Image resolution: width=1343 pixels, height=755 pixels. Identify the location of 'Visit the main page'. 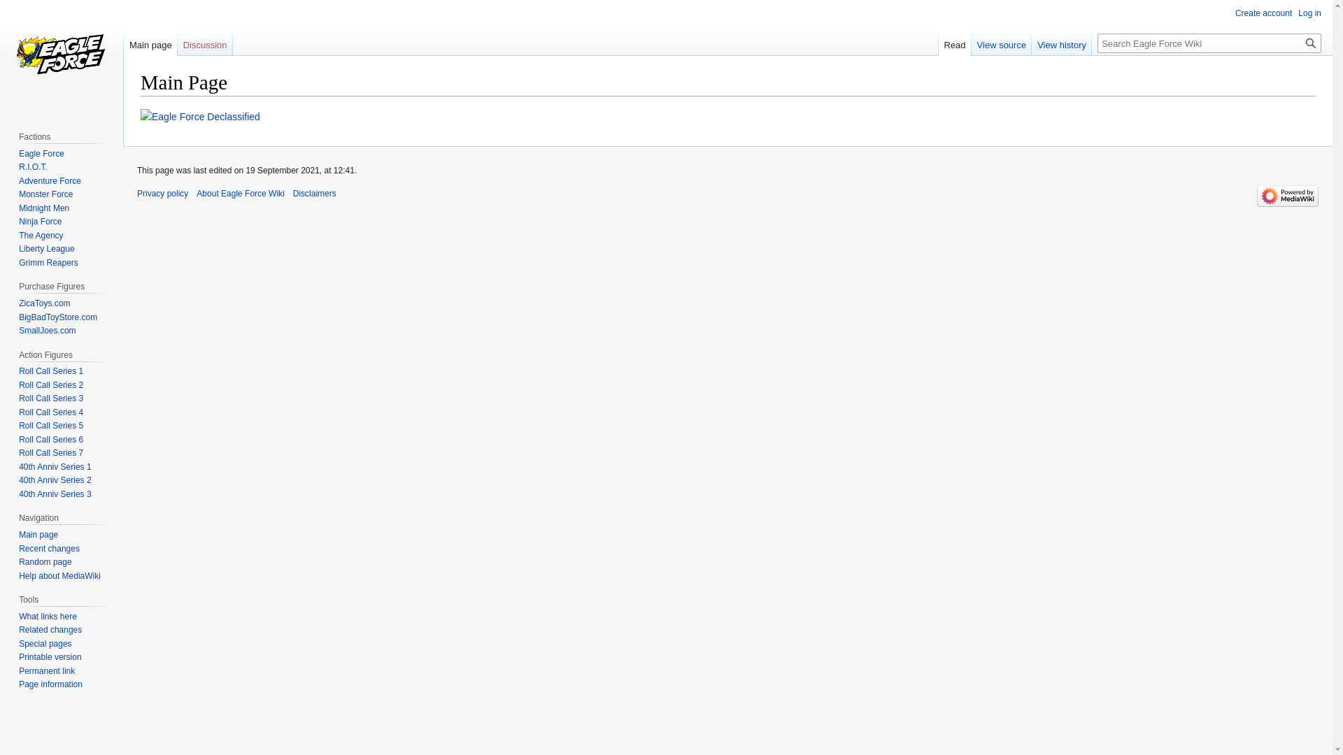
(60, 55).